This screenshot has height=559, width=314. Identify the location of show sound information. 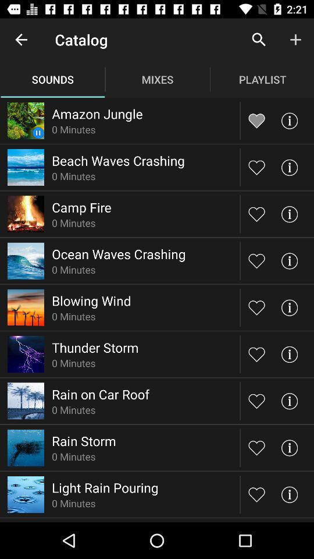
(288, 401).